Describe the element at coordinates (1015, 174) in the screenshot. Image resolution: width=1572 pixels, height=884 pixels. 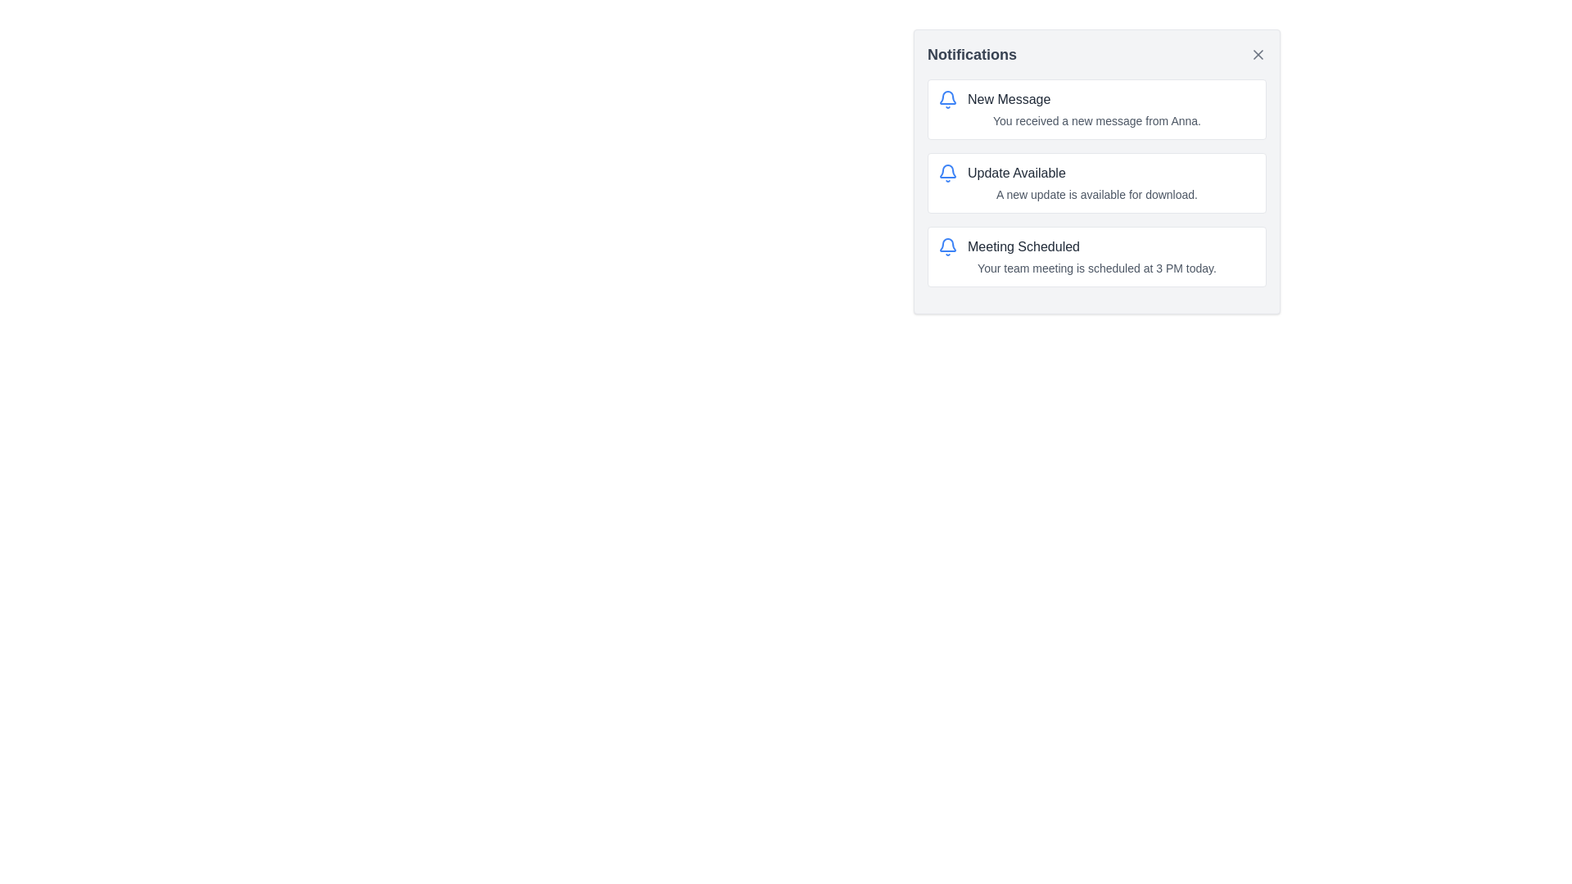
I see `title 'Update Available' from the Text label located in the middle notification block of the notifications pane, which is positioned to the right of the blue bell icon` at that location.